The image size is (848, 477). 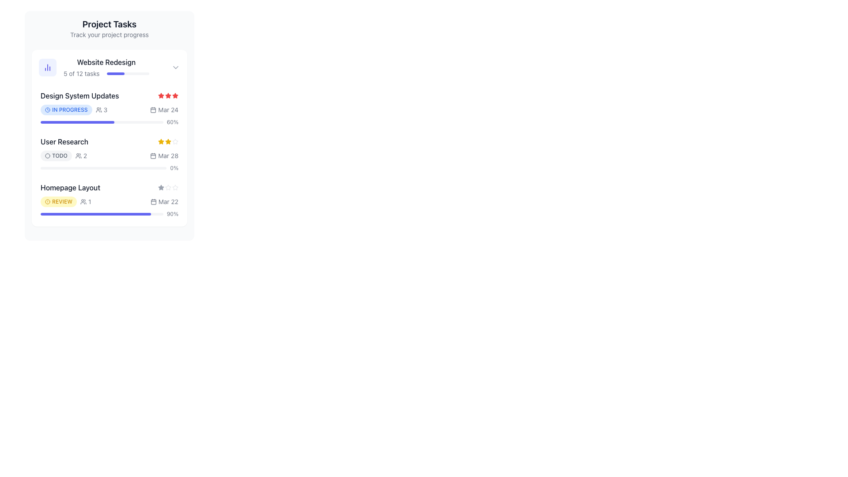 What do you see at coordinates (109, 141) in the screenshot?
I see `the star icons in the 'User Research' section of the 'Website Redesign' task card to update the rating` at bounding box center [109, 141].